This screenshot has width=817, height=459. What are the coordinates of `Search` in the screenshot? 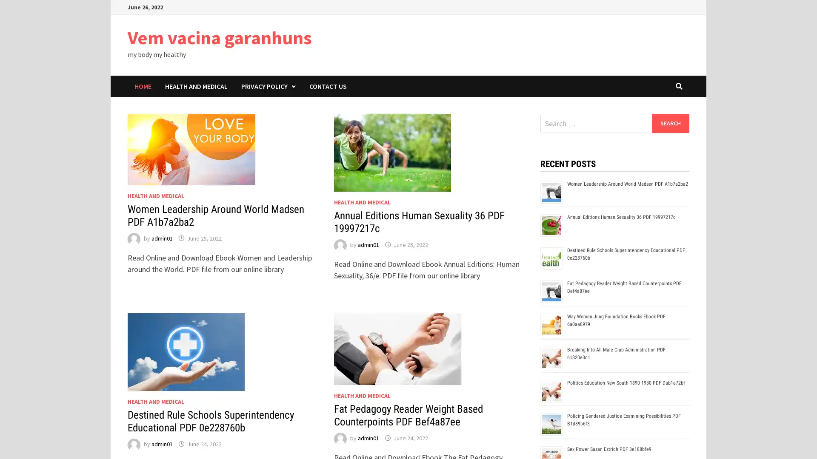 It's located at (670, 123).